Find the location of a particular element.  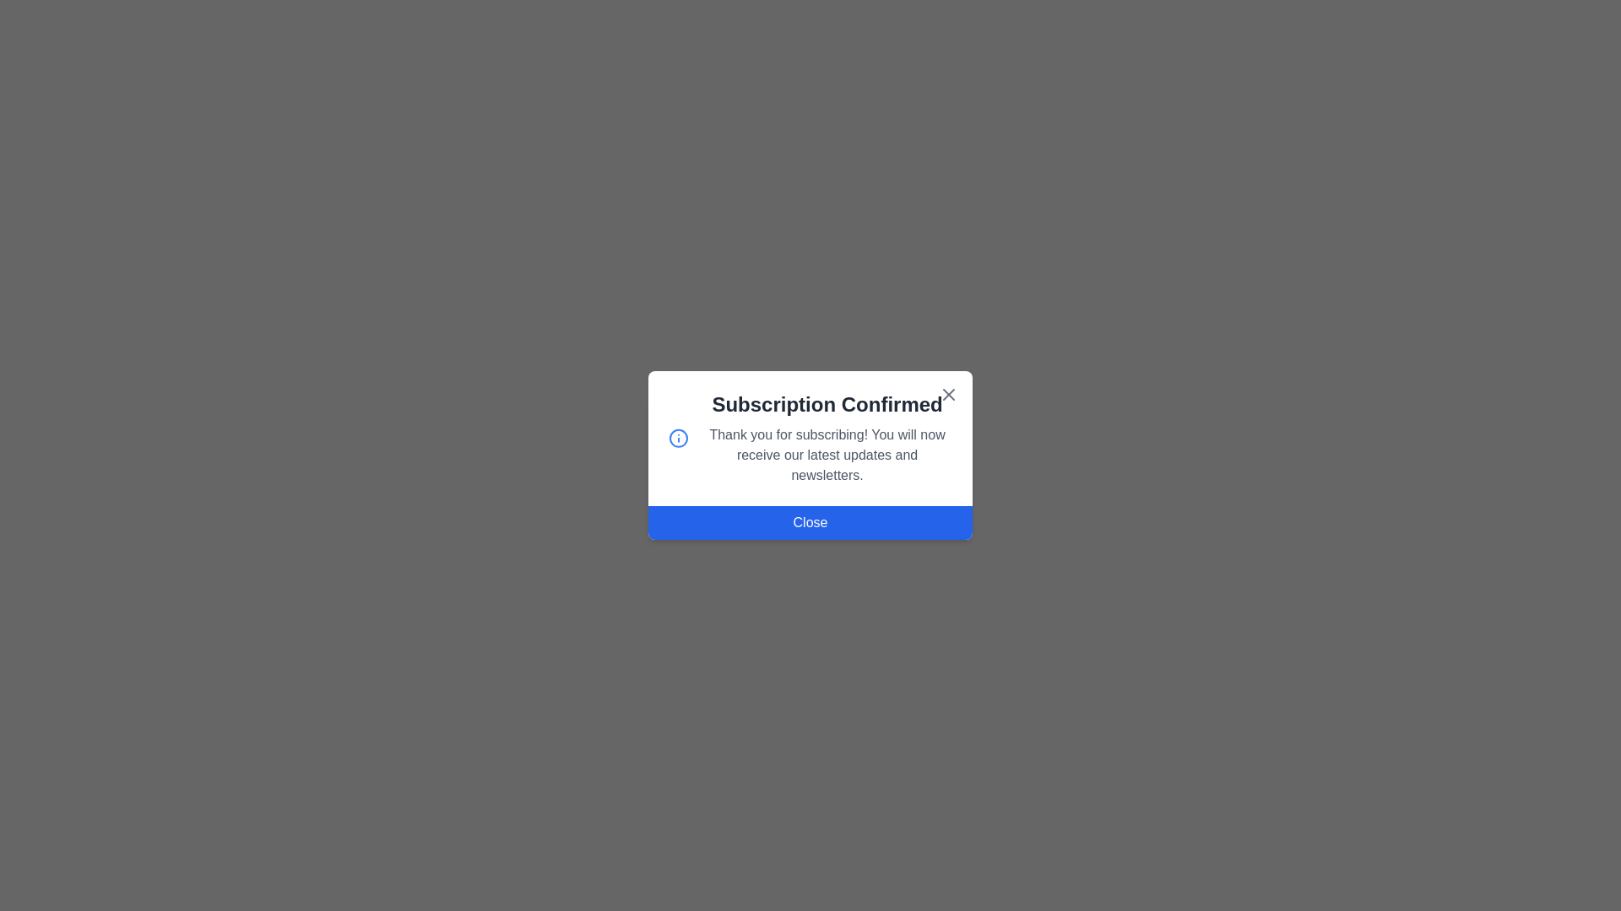

the descriptive text below the heading to select it is located at coordinates (827, 455).